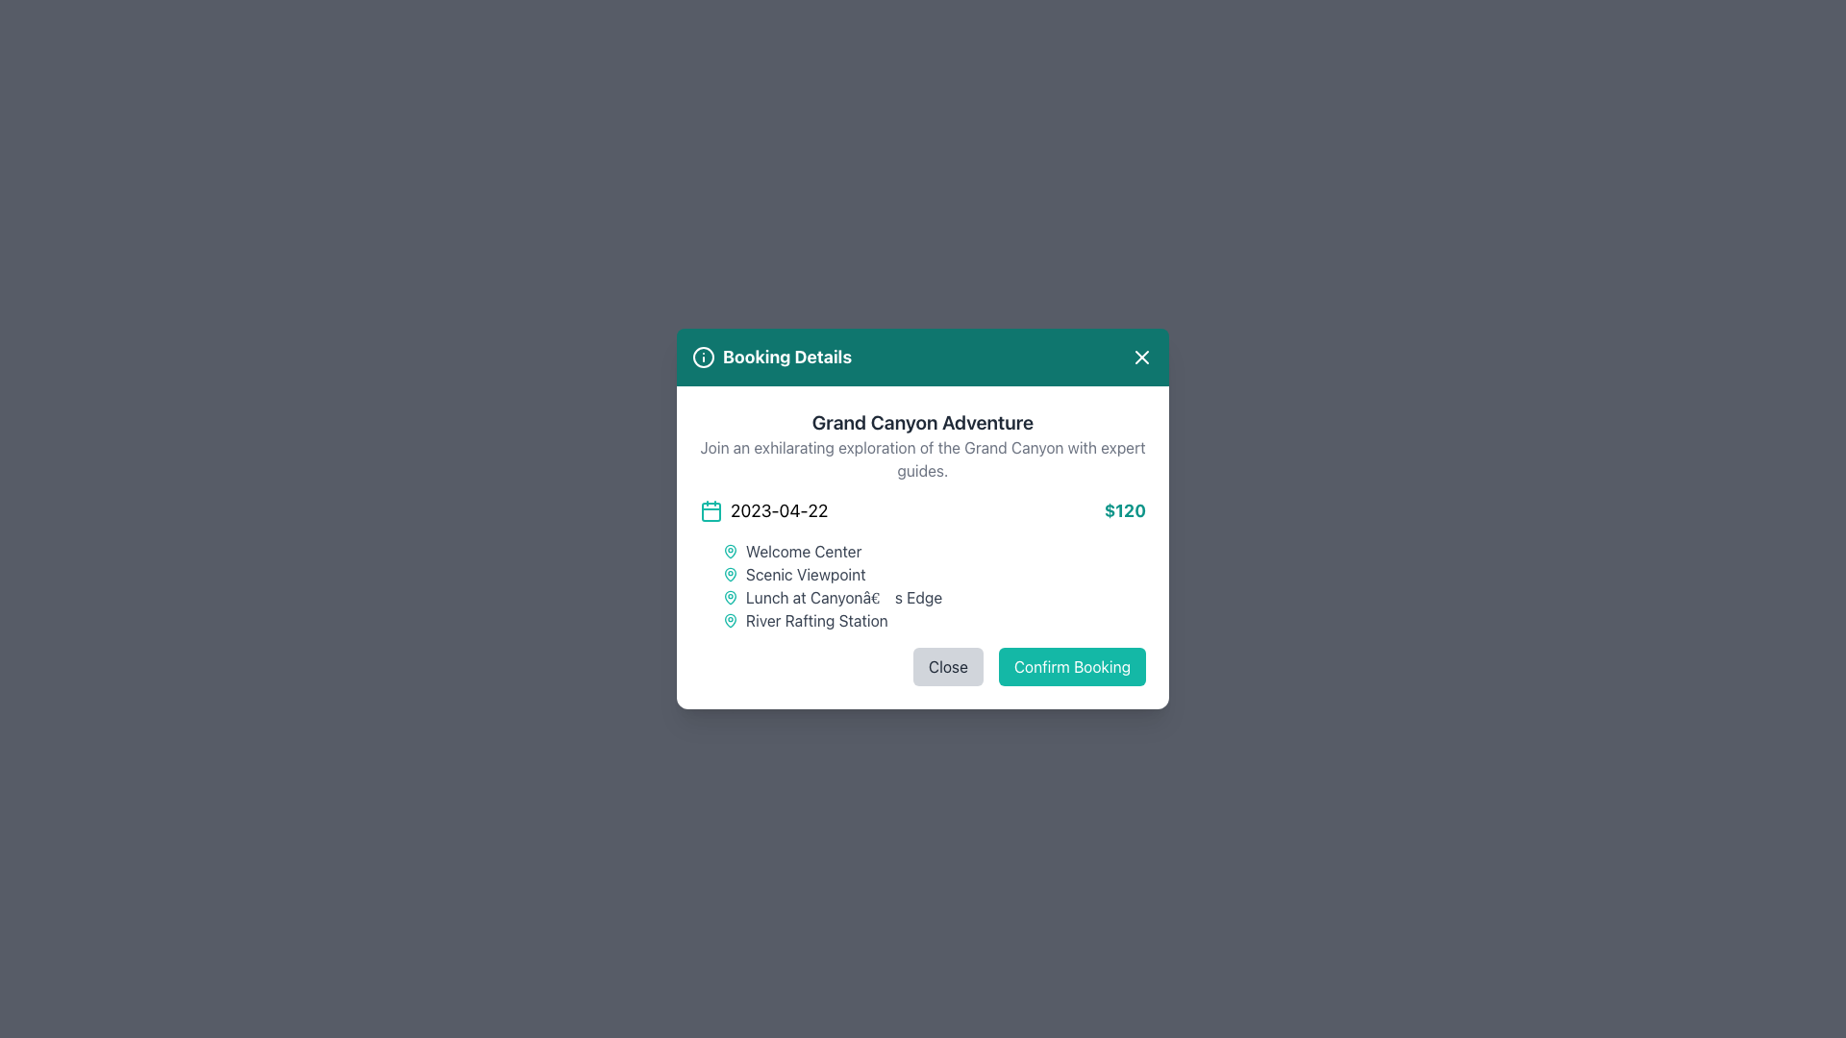  I want to click on the static text label displaying the date '2023-04-22' located near the top of the booking details modal dialog, next to the calendar icon, so click(779, 510).